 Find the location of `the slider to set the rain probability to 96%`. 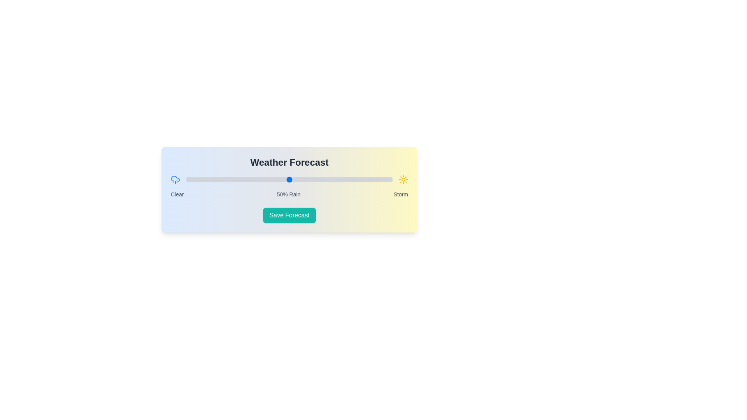

the slider to set the rain probability to 96% is located at coordinates (384, 180).